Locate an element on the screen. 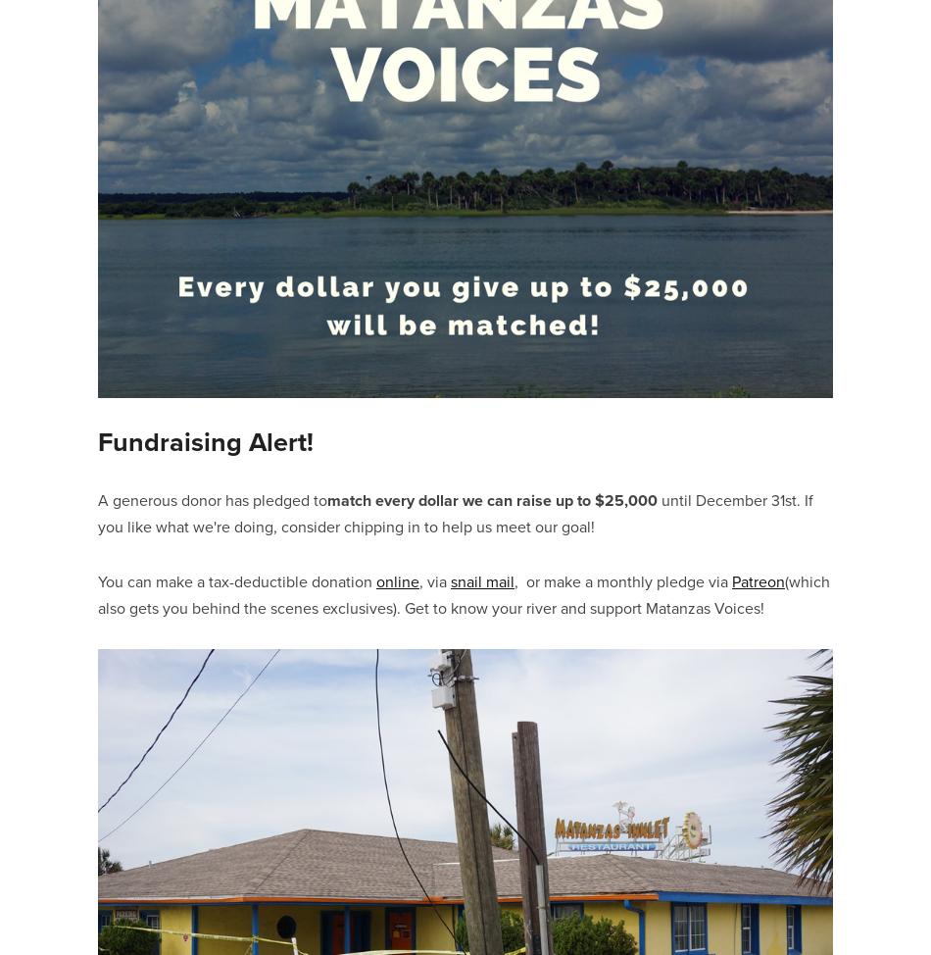 Image resolution: width=931 pixels, height=955 pixels. 'snail mail' is located at coordinates (482, 579).